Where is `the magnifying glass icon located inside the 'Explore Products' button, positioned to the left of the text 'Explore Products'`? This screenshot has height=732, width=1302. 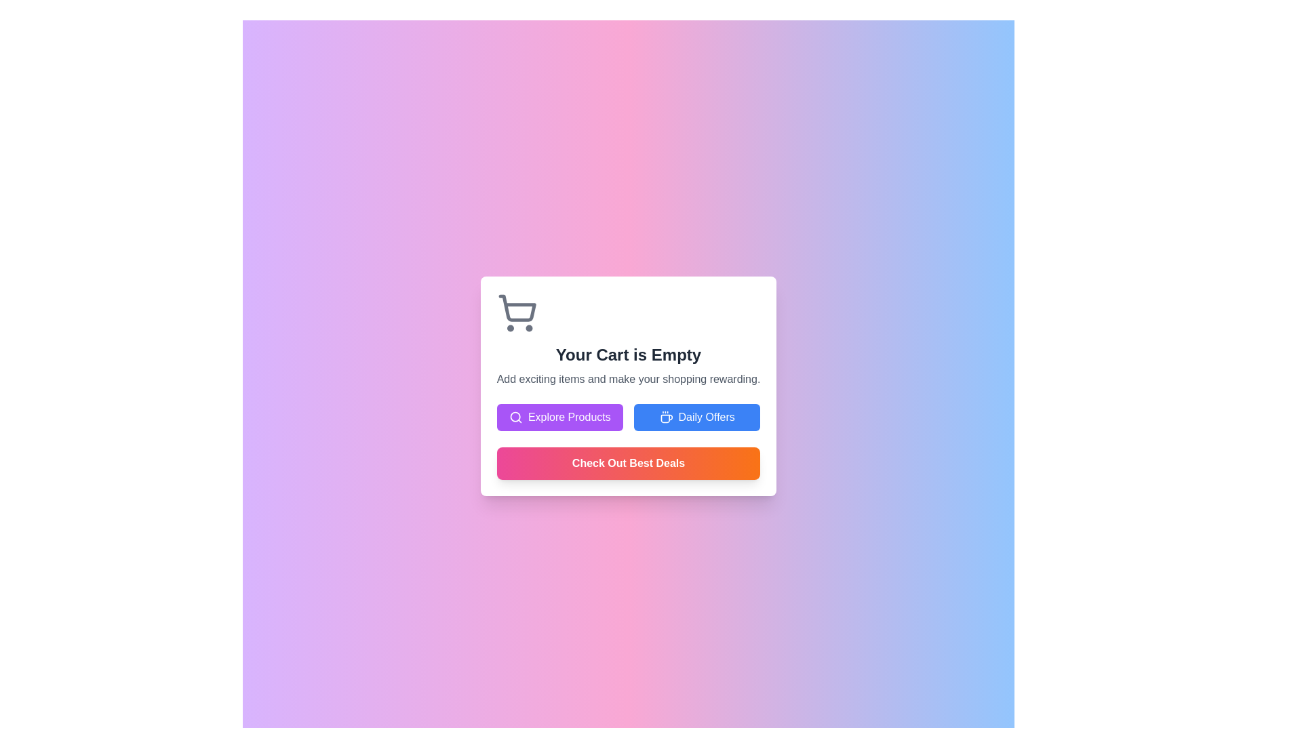
the magnifying glass icon located inside the 'Explore Products' button, positioned to the left of the text 'Explore Products' is located at coordinates (515, 417).